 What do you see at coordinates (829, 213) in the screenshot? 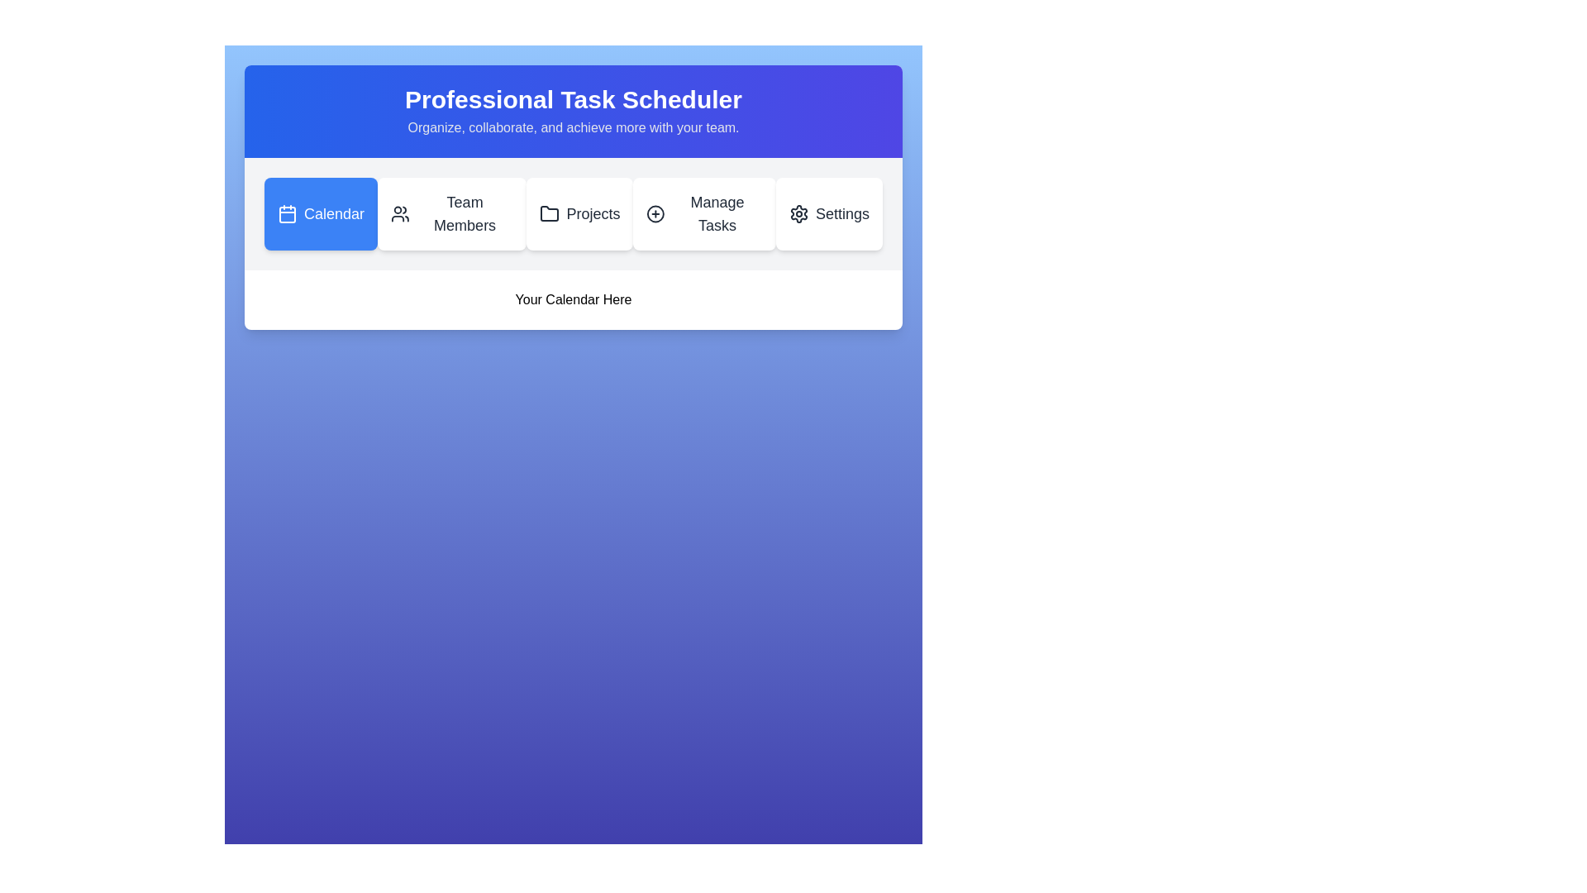
I see `the 'Settings' button with a gear icon` at bounding box center [829, 213].